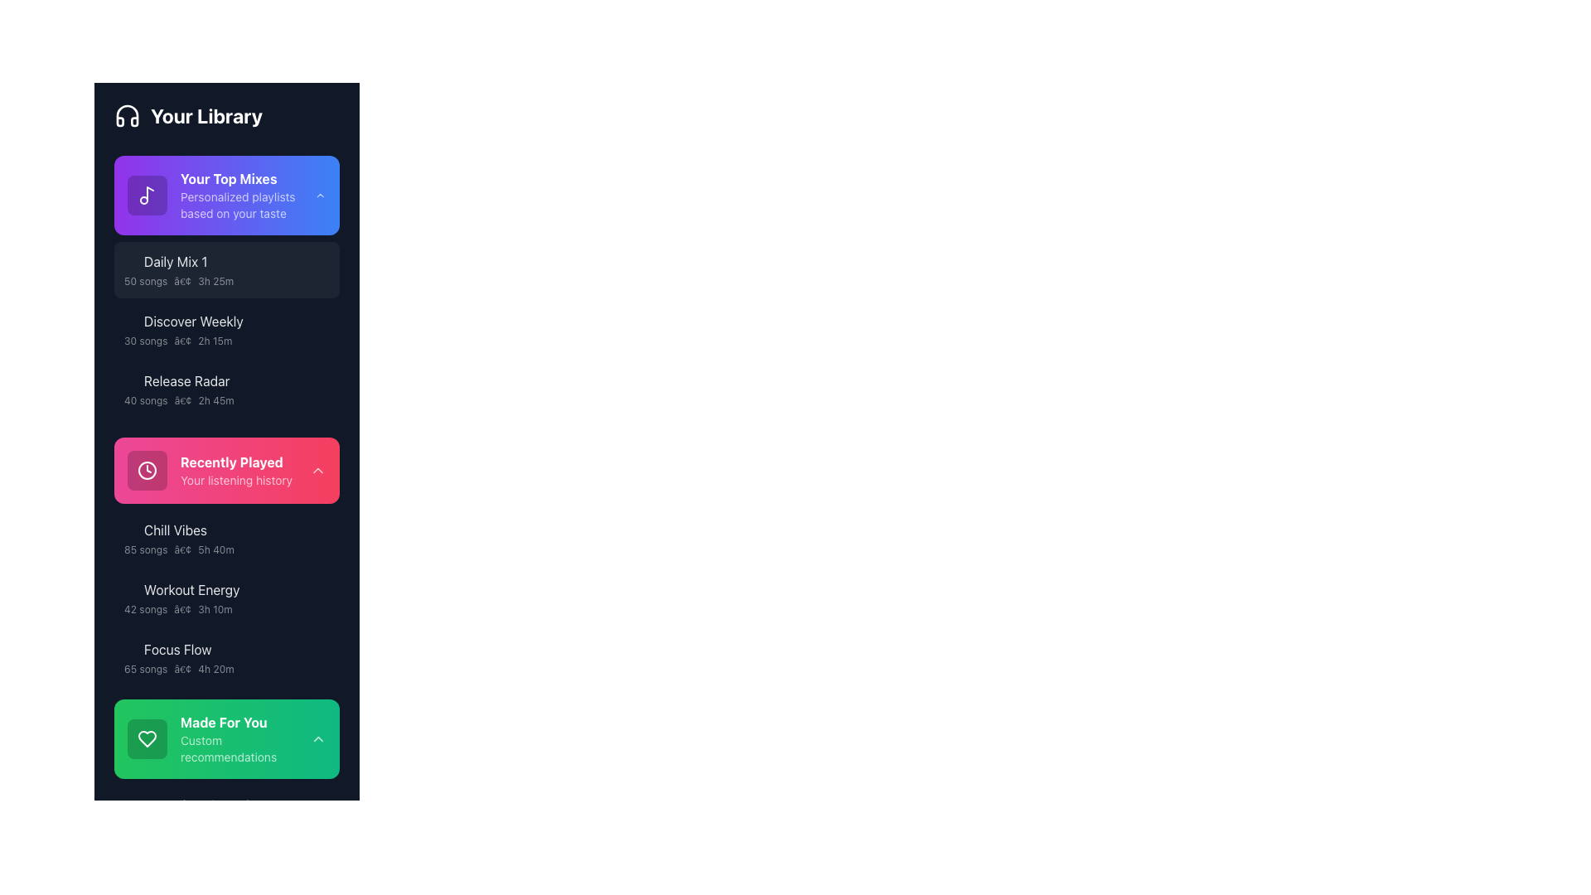 The image size is (1591, 895). What do you see at coordinates (114, 657) in the screenshot?
I see `the decorative accent or visual indicator in the 'Focus Flow' section under 'Your Library', located at the left edge of the section` at bounding box center [114, 657].